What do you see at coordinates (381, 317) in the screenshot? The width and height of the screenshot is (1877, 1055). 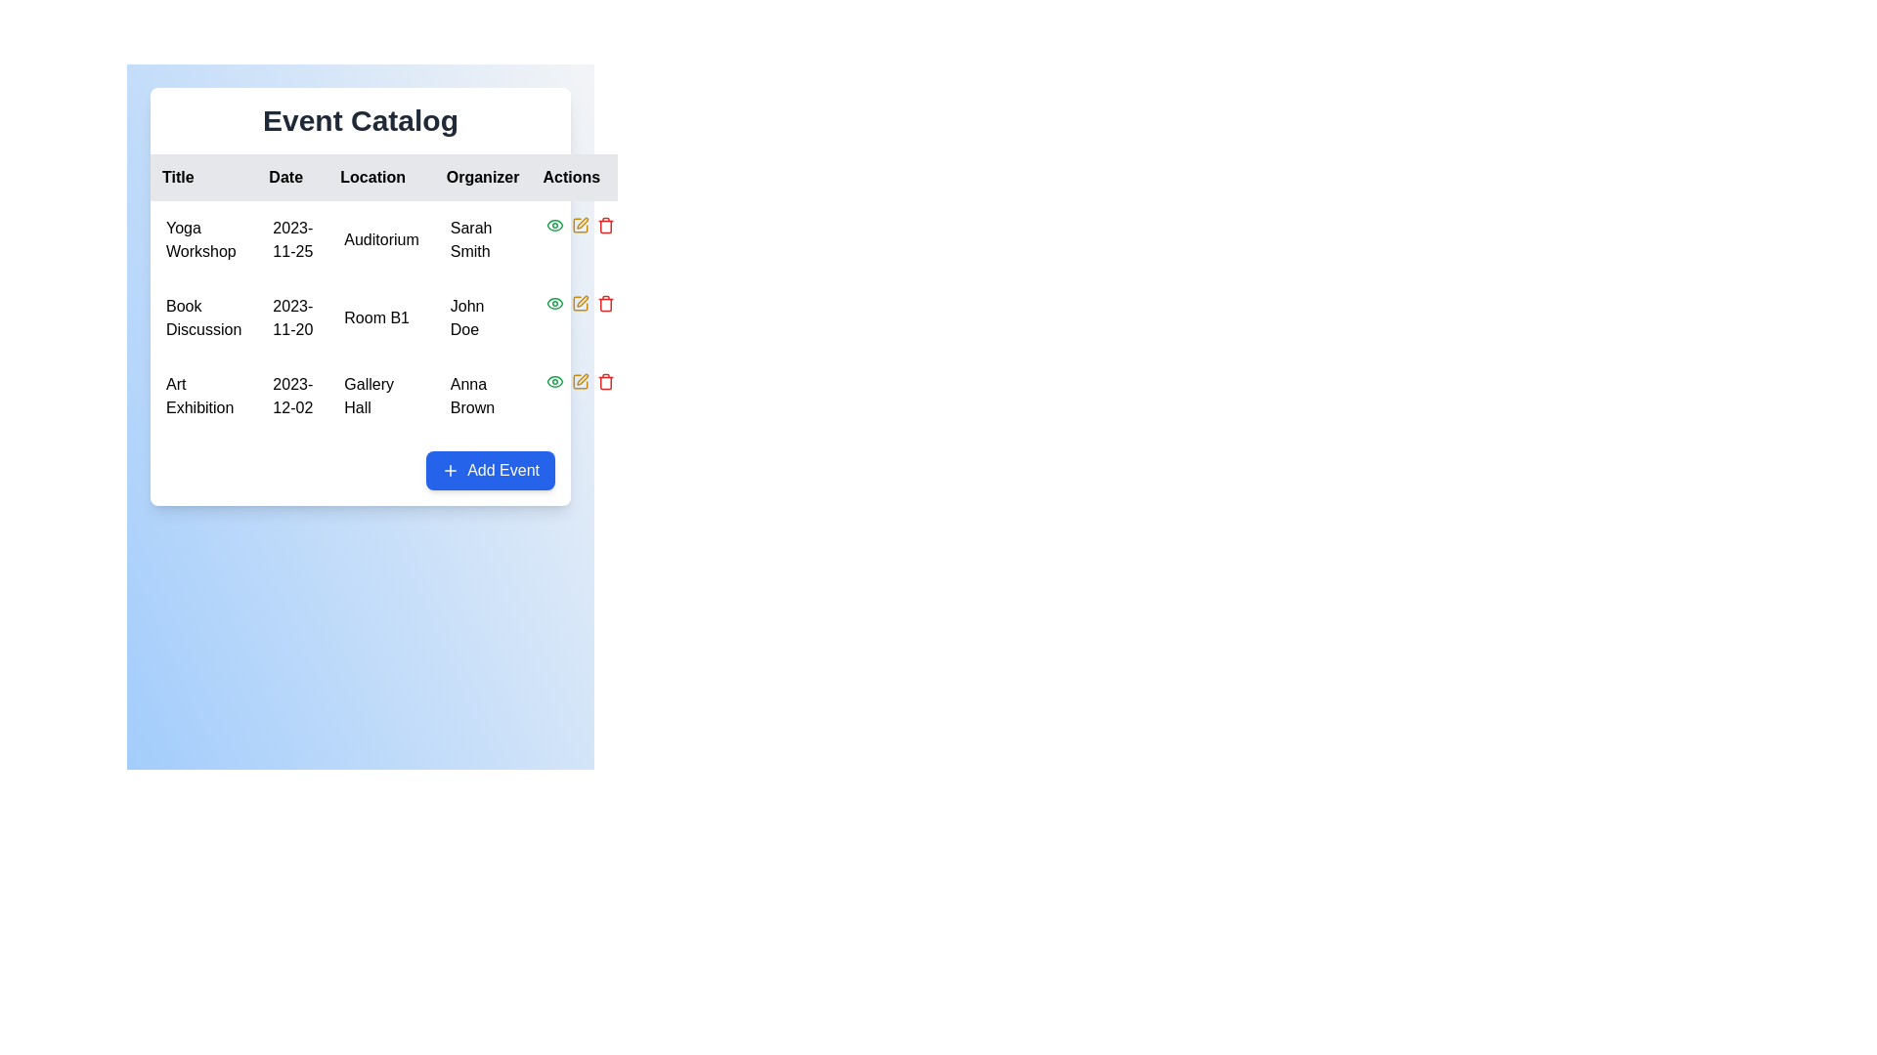 I see `the text label displaying 'Room B1', which is located under the 'Location' column in the second row of a table for the event 'Book Discussion' on '2023-11-20' organized by 'John Doe'` at bounding box center [381, 317].